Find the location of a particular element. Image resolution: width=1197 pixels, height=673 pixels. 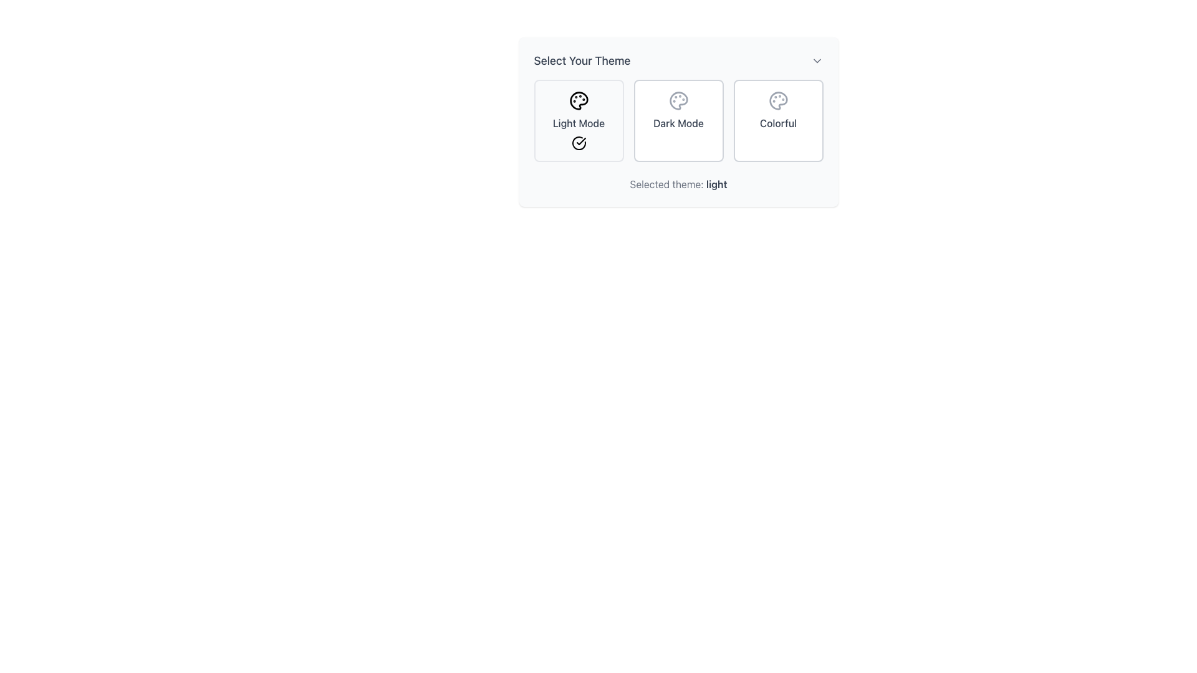

the Text Display element that indicates the currently selected theme, located below the theme options (Light Mode, Dark Mode, and Colorful) is located at coordinates (678, 184).